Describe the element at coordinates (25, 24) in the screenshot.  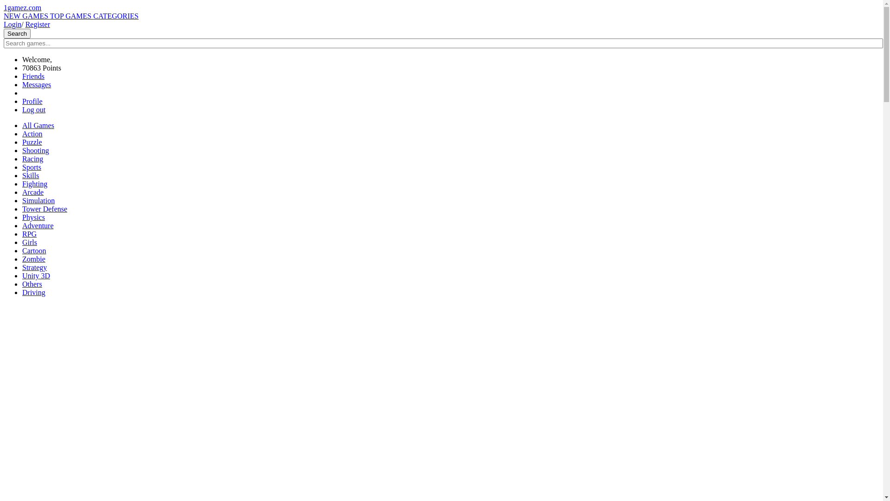
I see `'Register'` at that location.